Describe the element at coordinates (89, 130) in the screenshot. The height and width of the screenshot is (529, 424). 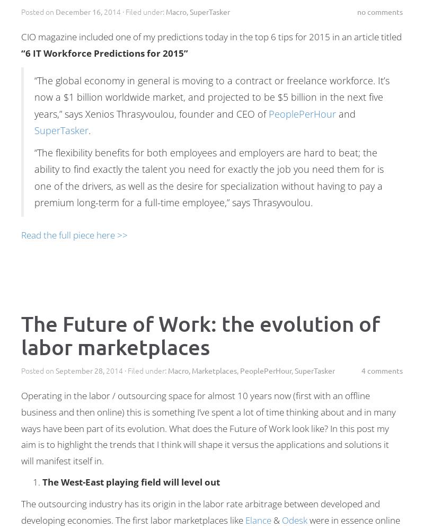
I see `'.'` at that location.